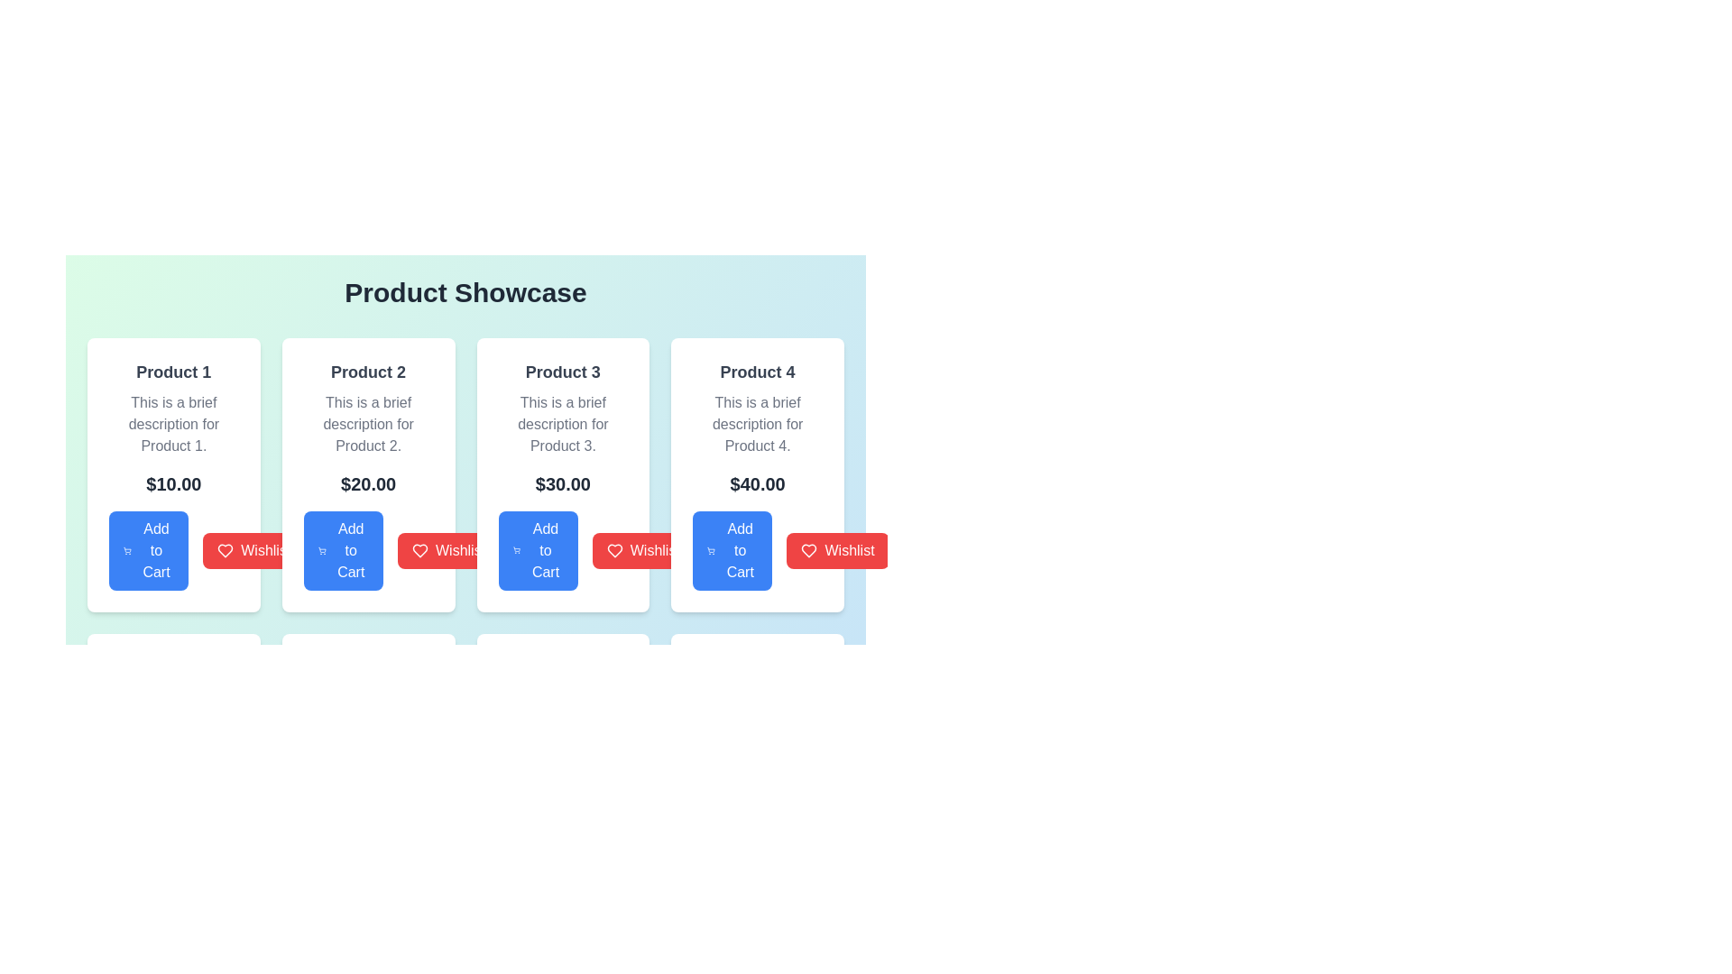 The image size is (1732, 974). I want to click on the 'Add to Cart' button located below the listing for 'Product 3', which is the first button in its horizontal arrangement within the product grid, so click(537, 549).